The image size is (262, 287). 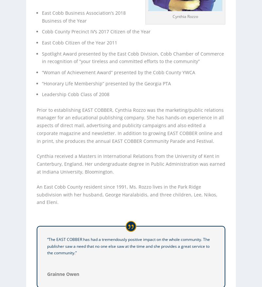 I want to click on 'Cynthia Rozzo', so click(x=185, y=16).